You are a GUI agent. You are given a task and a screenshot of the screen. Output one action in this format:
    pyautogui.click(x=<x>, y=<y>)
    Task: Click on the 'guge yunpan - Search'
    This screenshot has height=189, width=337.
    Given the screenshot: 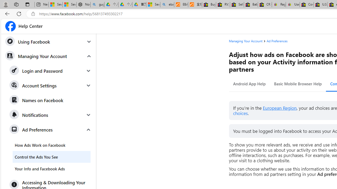 What is the action you would take?
    pyautogui.click(x=97, y=4)
    